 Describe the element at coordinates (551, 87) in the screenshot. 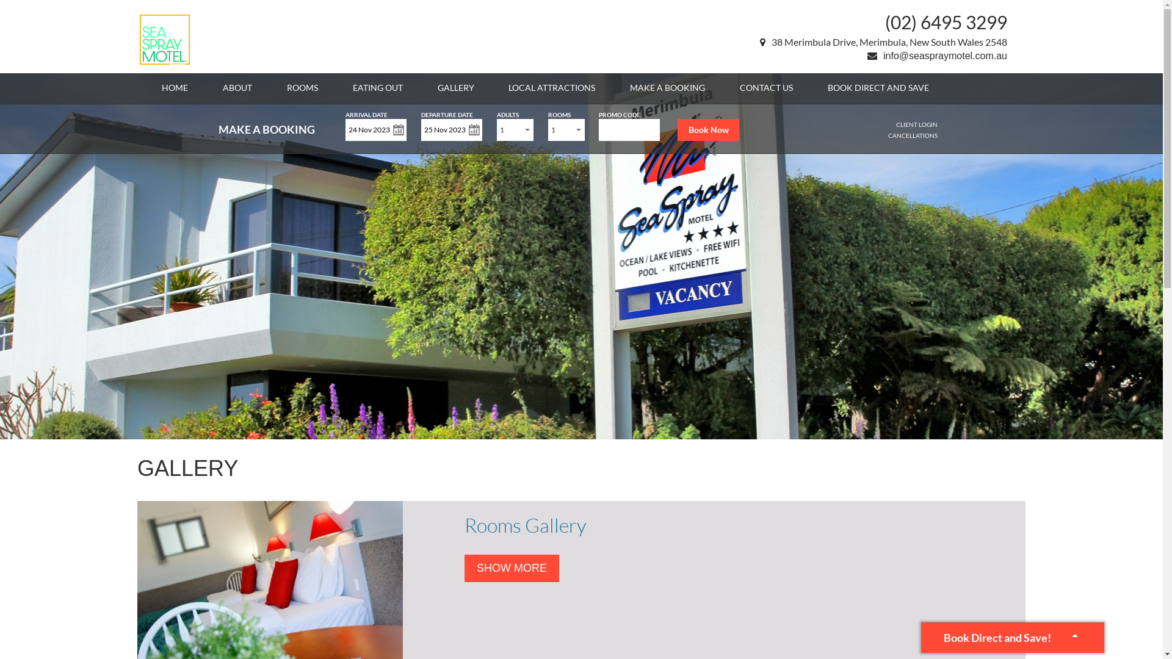

I see `'LOCAL ATTRACTIONS'` at that location.